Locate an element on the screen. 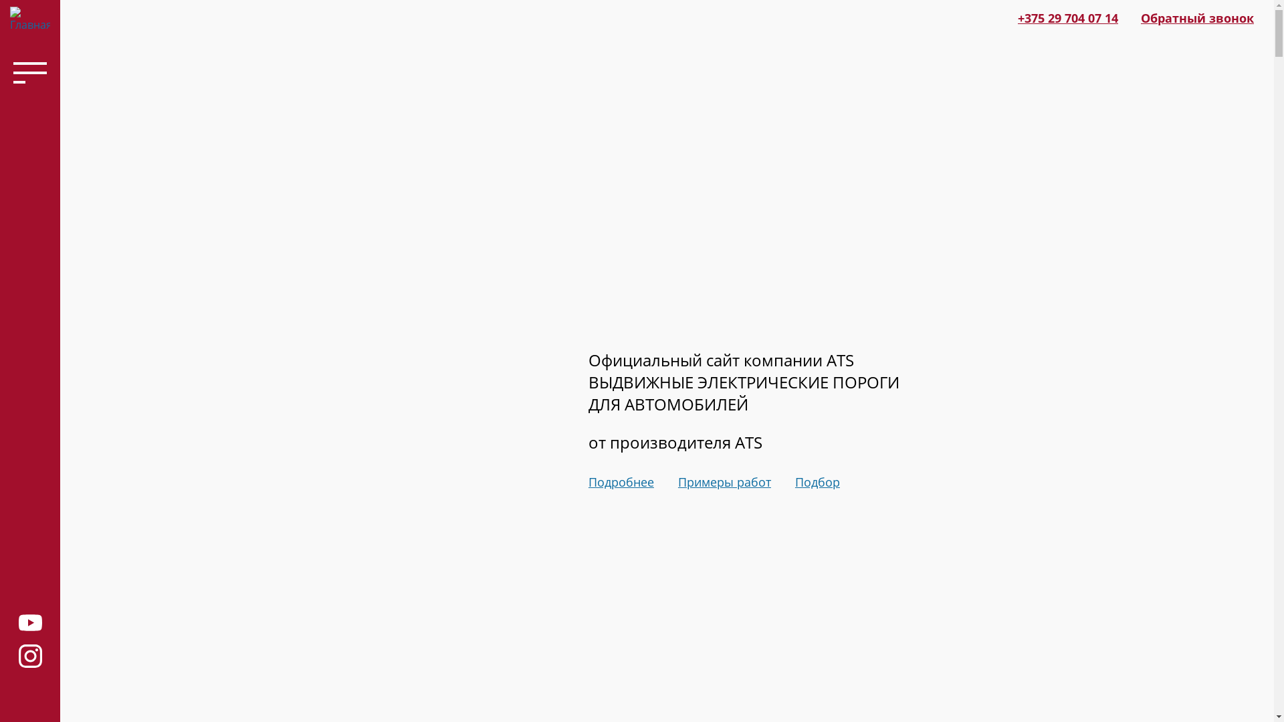  '+375 29 704 07 14' is located at coordinates (1067, 18).